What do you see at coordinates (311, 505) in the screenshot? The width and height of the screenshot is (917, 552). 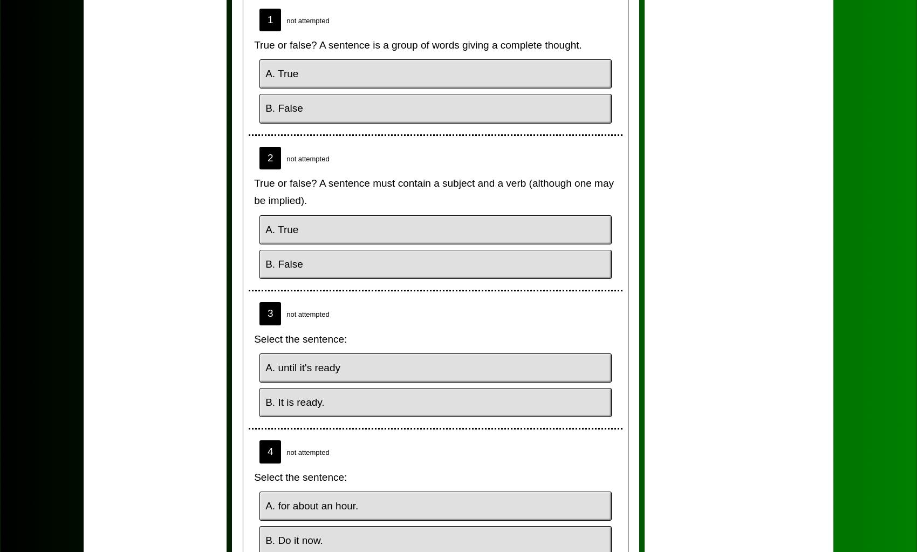 I see `'A. for about an hour.'` at bounding box center [311, 505].